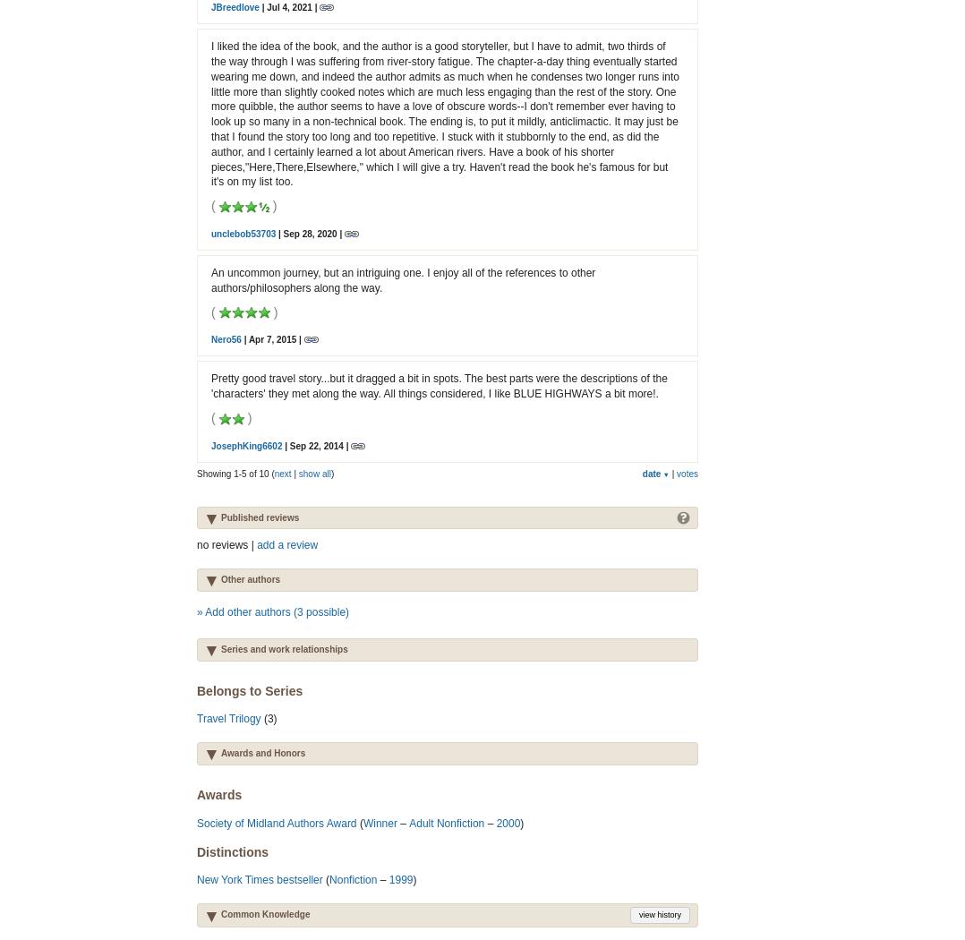 Image resolution: width=965 pixels, height=940 pixels. Describe the element at coordinates (246, 444) in the screenshot. I see `'JosephKing6602'` at that location.